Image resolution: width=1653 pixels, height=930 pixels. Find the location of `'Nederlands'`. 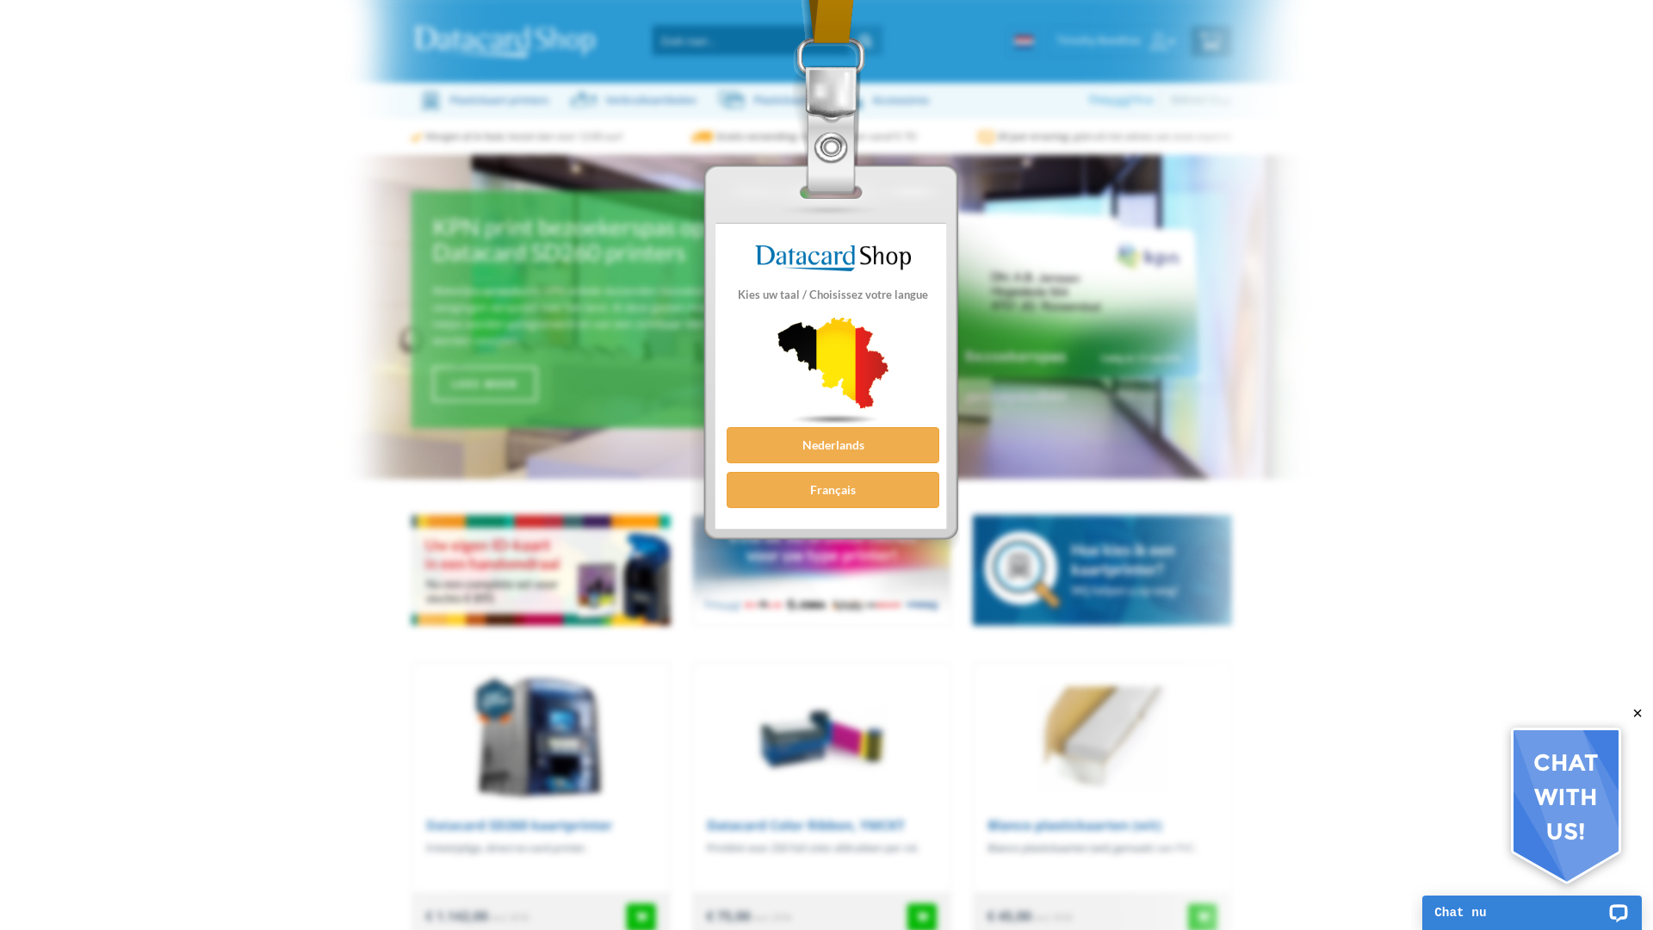

'Nederlands' is located at coordinates (833, 443).